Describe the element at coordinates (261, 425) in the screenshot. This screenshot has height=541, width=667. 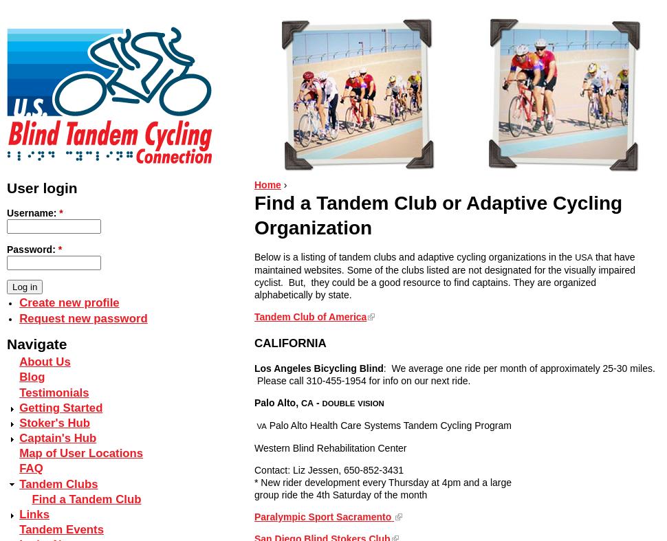
I see `'VA'` at that location.